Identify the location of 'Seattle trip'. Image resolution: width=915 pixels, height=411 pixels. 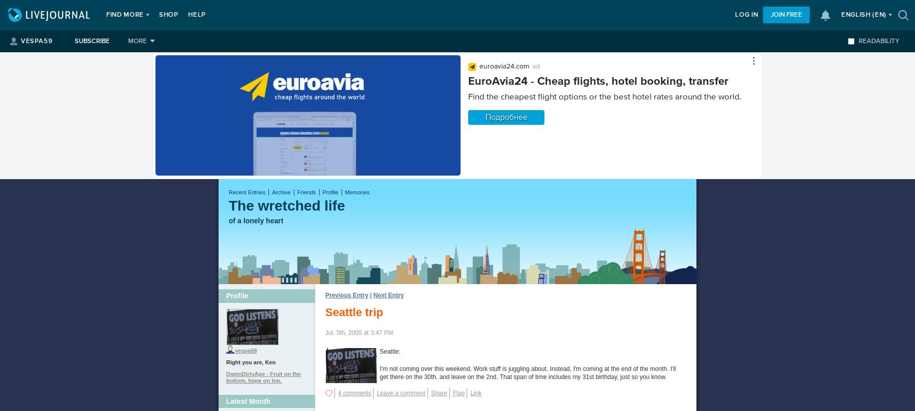
(353, 312).